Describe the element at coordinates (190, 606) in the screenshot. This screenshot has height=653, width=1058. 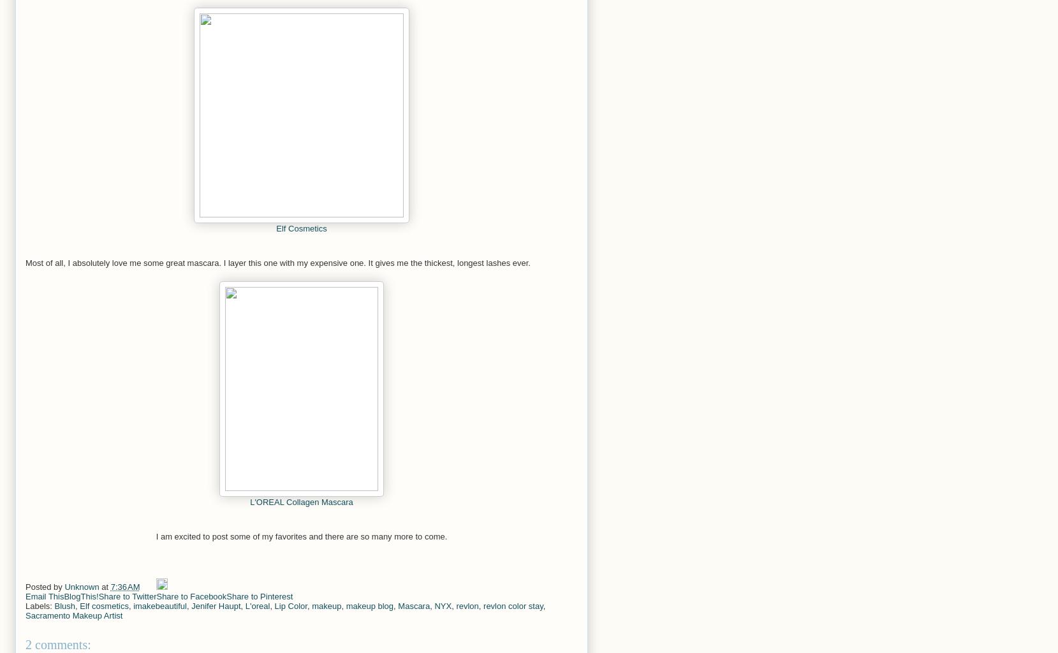
I see `'Jenifer Haupt'` at that location.